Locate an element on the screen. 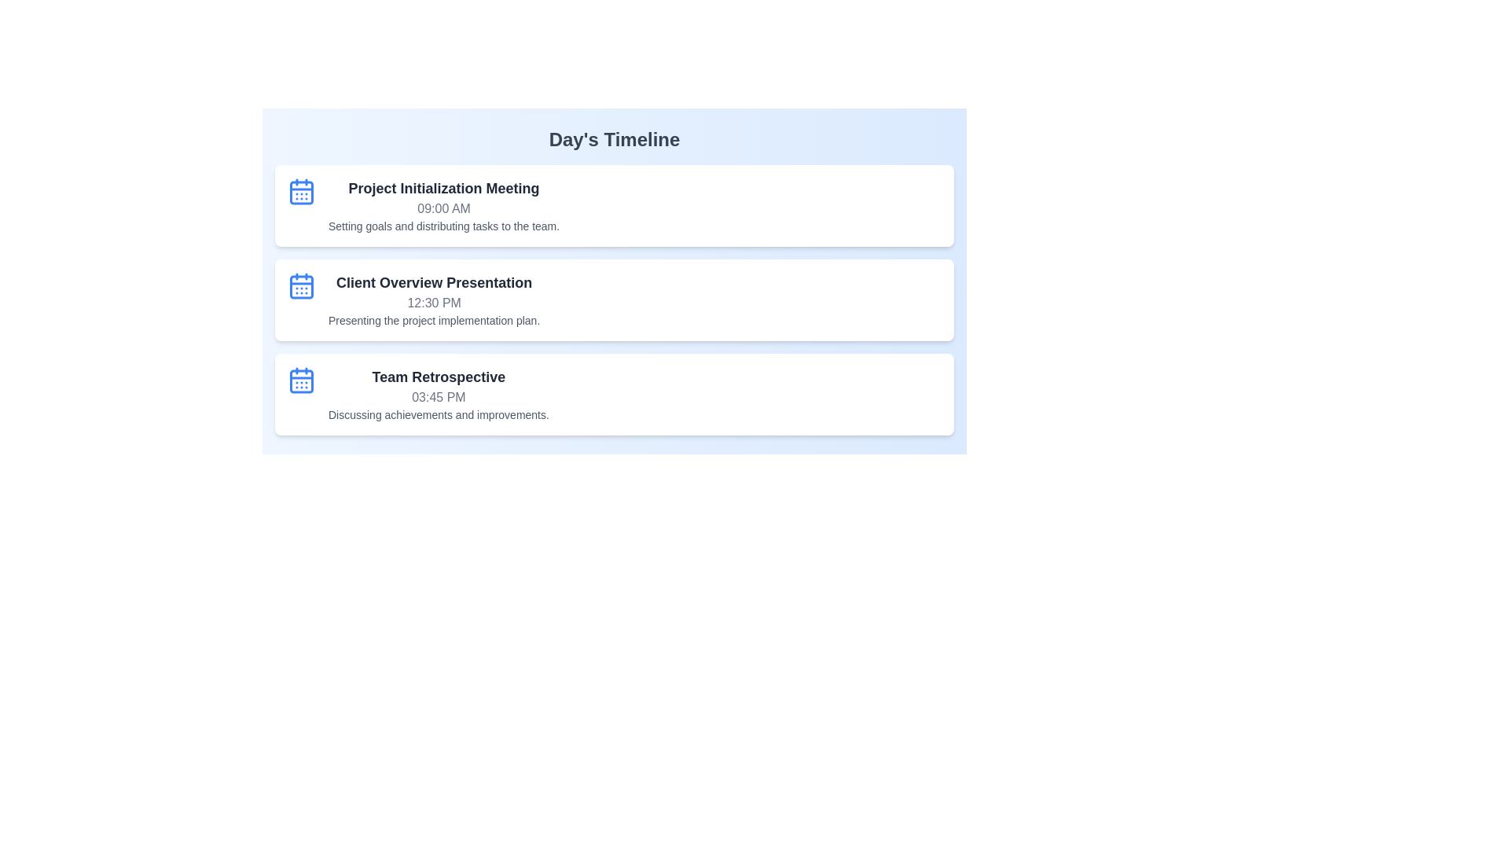 This screenshot has width=1509, height=849. the content of the text label that serves as the title for a specific timeline event, located near the top of the timeline interface, to the right of a calendar icon is located at coordinates (443, 187).